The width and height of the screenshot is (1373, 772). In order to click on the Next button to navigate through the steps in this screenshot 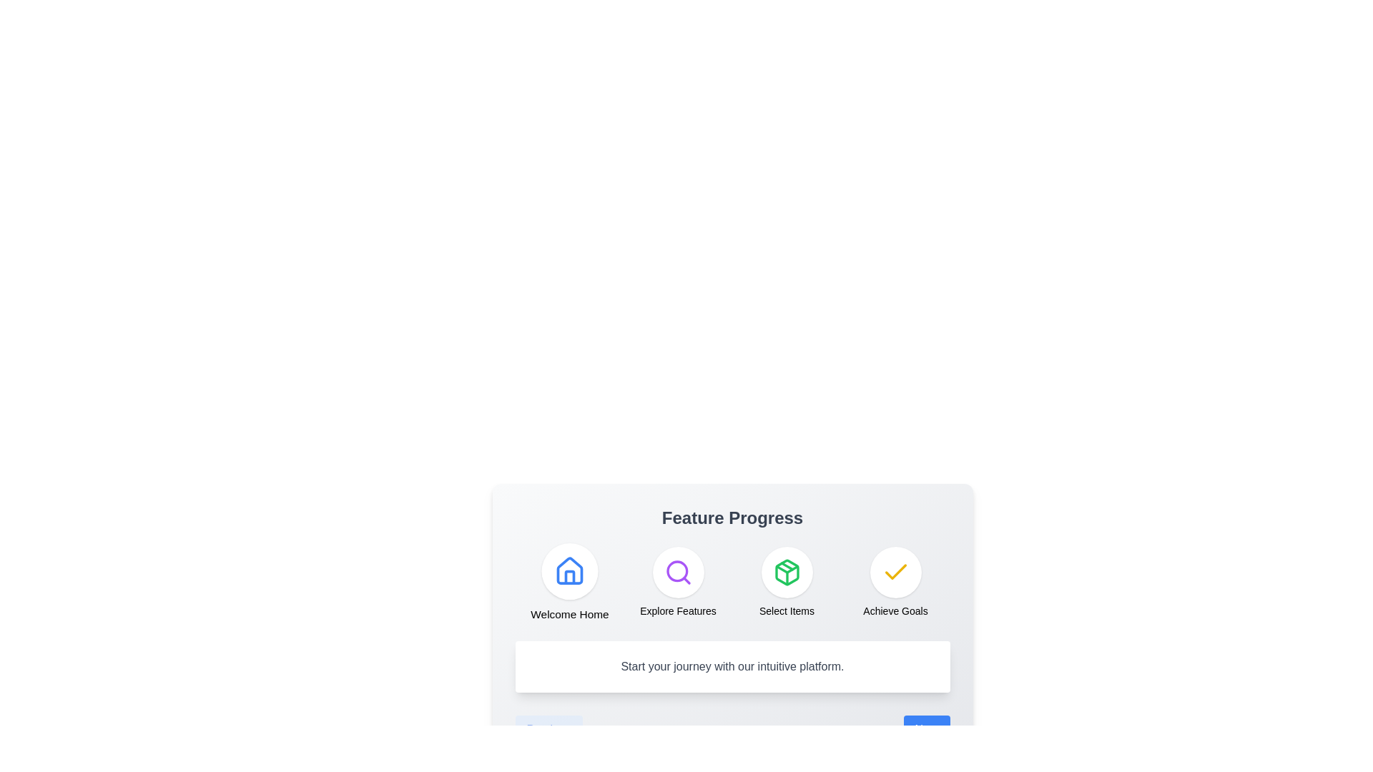, I will do `click(927, 730)`.